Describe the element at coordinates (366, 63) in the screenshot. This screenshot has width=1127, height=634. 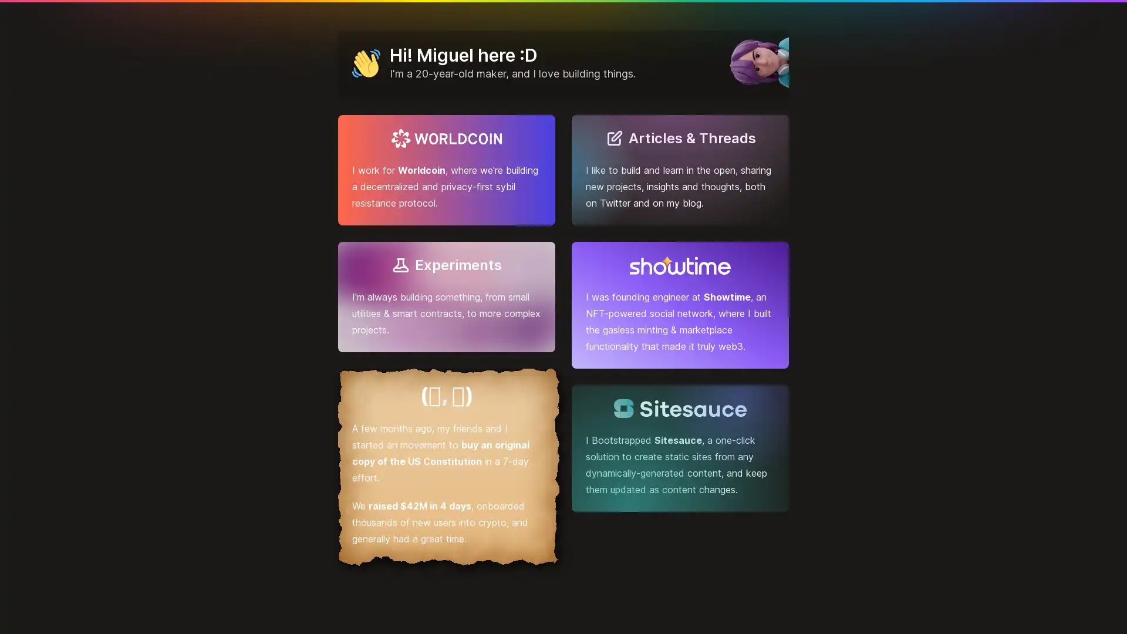
I see `Wave` at that location.